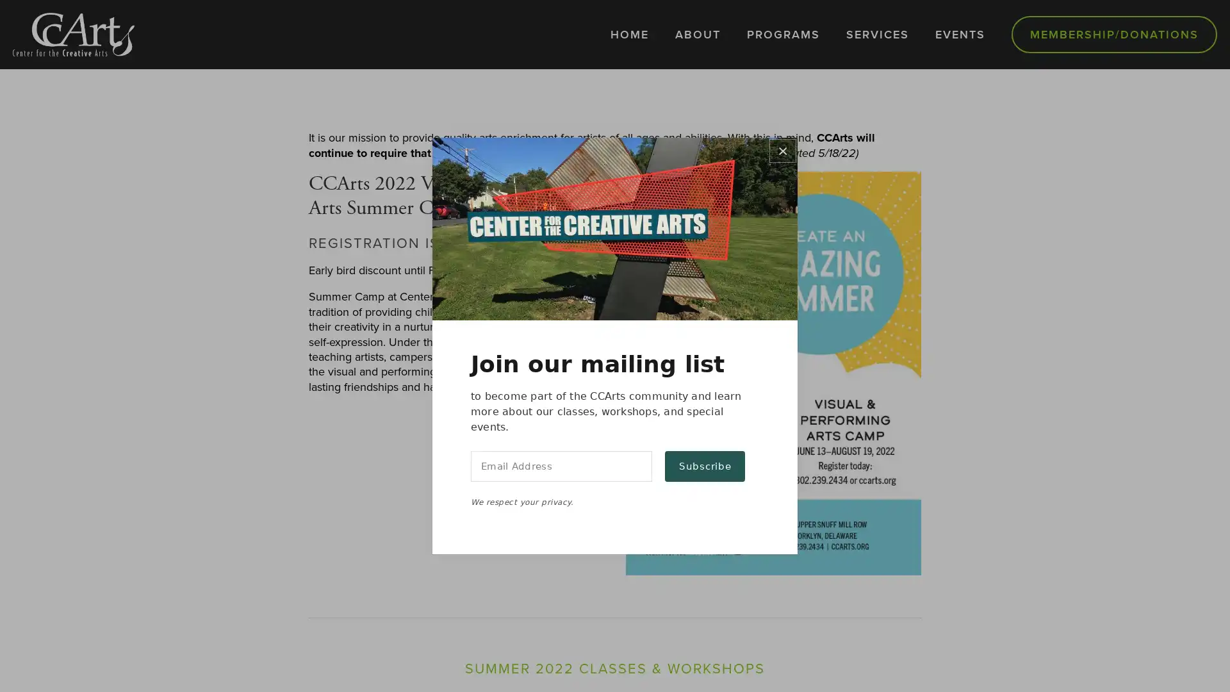  Describe the element at coordinates (703, 466) in the screenshot. I see `Subscribe` at that location.